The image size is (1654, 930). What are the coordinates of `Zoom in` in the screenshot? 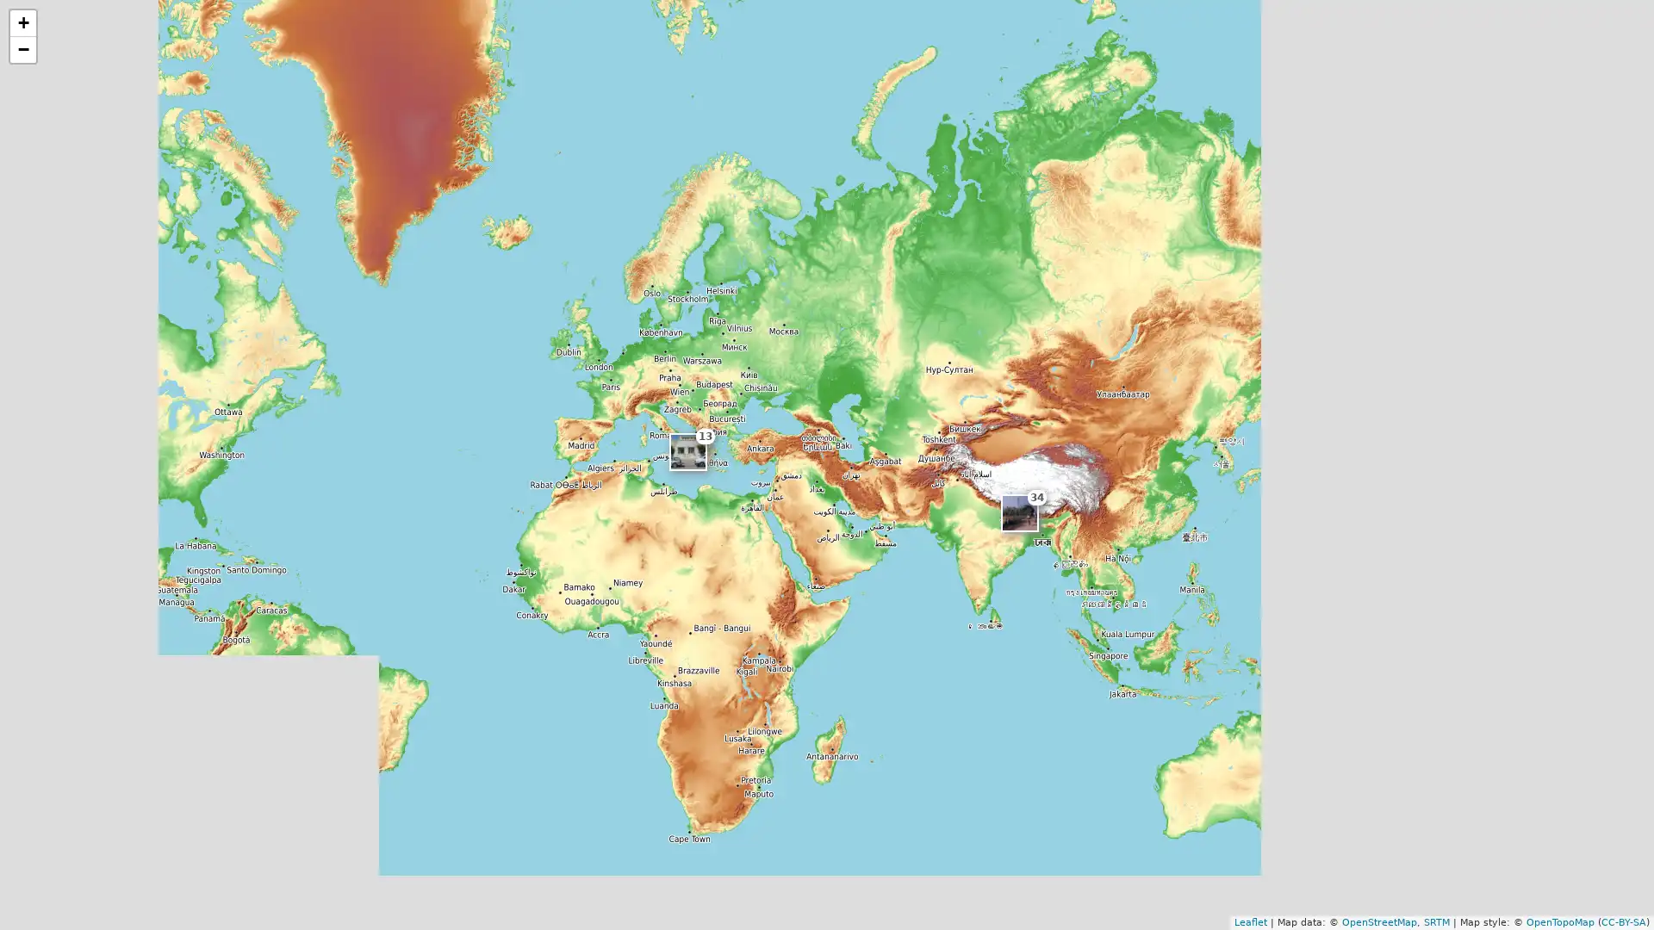 It's located at (23, 23).